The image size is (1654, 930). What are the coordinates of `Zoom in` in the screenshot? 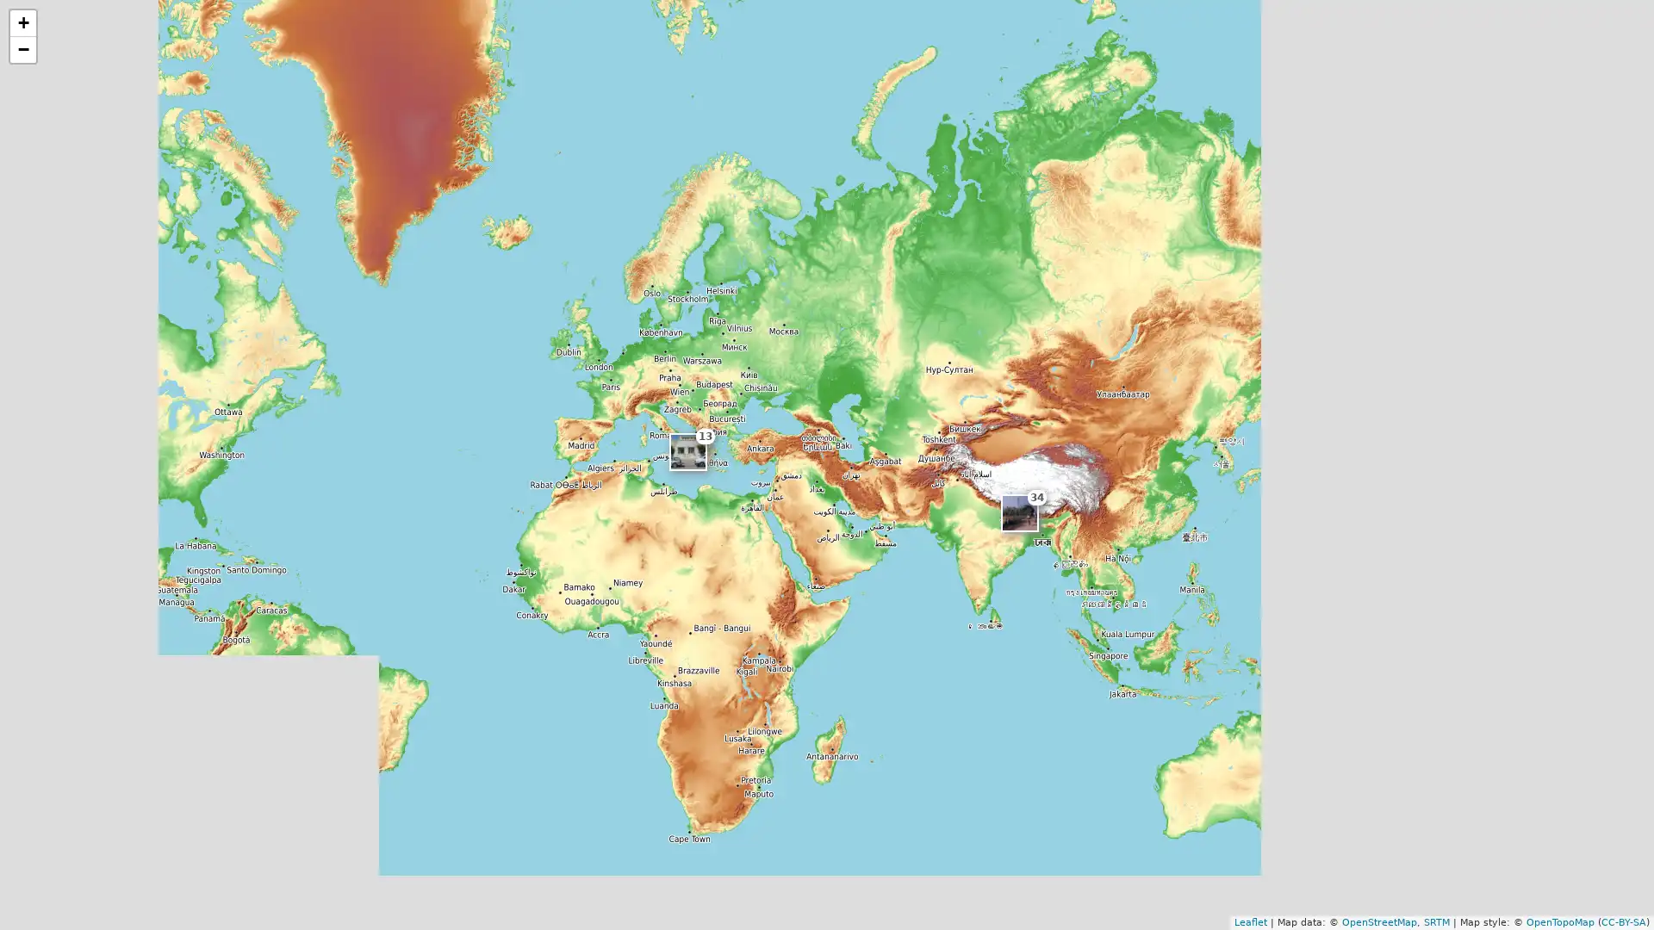 It's located at (23, 23).